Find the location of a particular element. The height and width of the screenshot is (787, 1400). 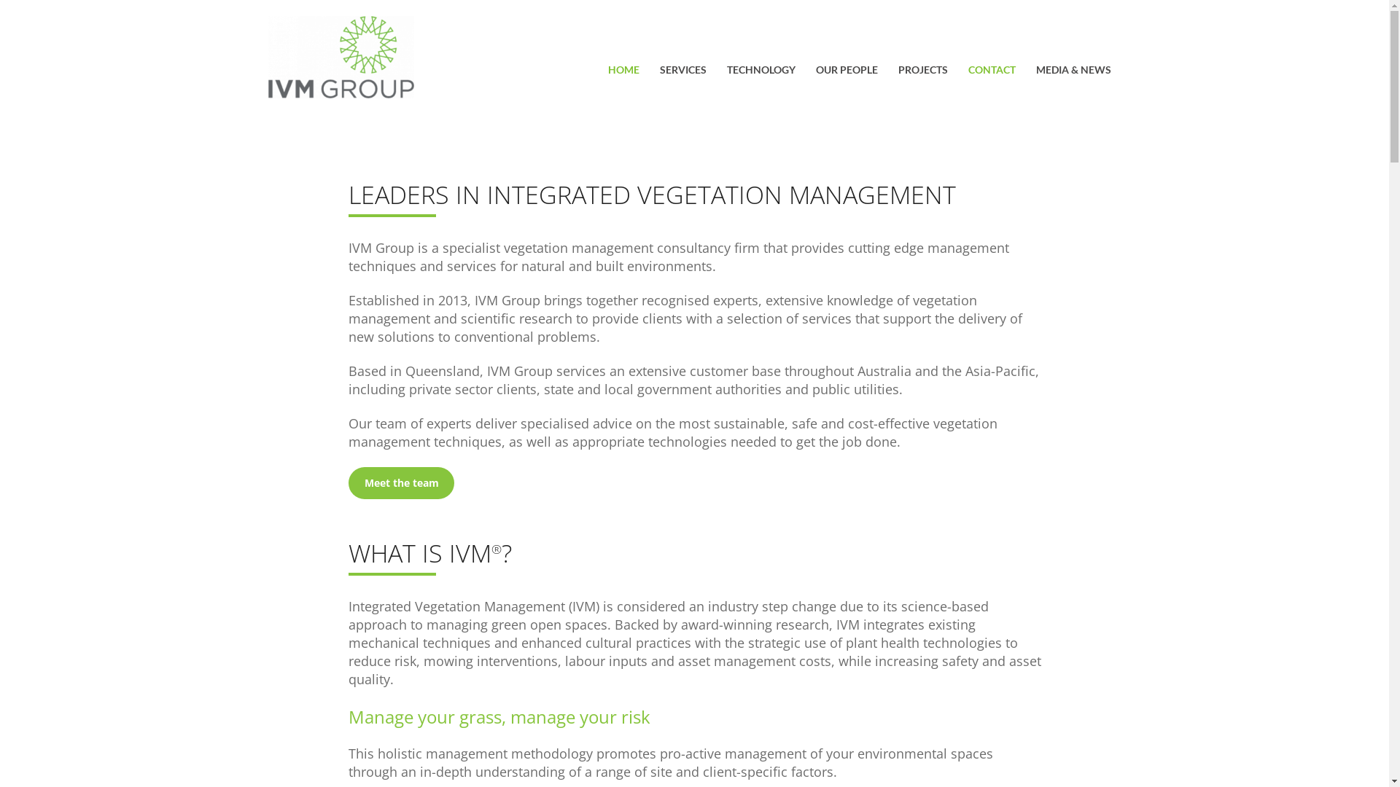

'TECHNOLOGY' is located at coordinates (759, 71).